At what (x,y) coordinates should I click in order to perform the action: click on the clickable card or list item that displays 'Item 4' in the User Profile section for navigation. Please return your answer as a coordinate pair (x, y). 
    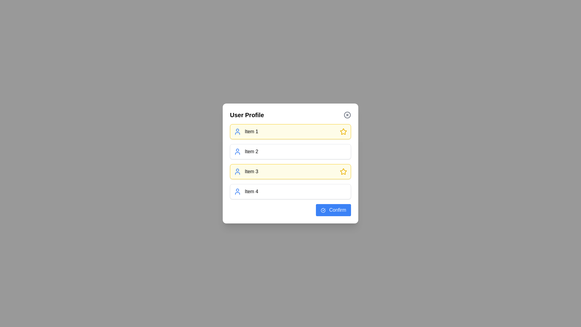
    Looking at the image, I should click on (290, 191).